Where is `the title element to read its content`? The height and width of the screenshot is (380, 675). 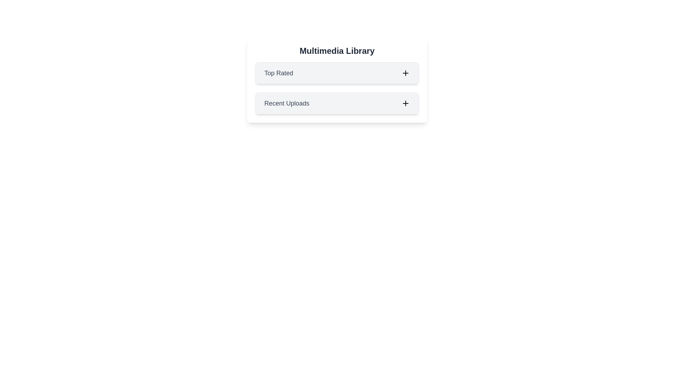
the title element to read its content is located at coordinates (337, 51).